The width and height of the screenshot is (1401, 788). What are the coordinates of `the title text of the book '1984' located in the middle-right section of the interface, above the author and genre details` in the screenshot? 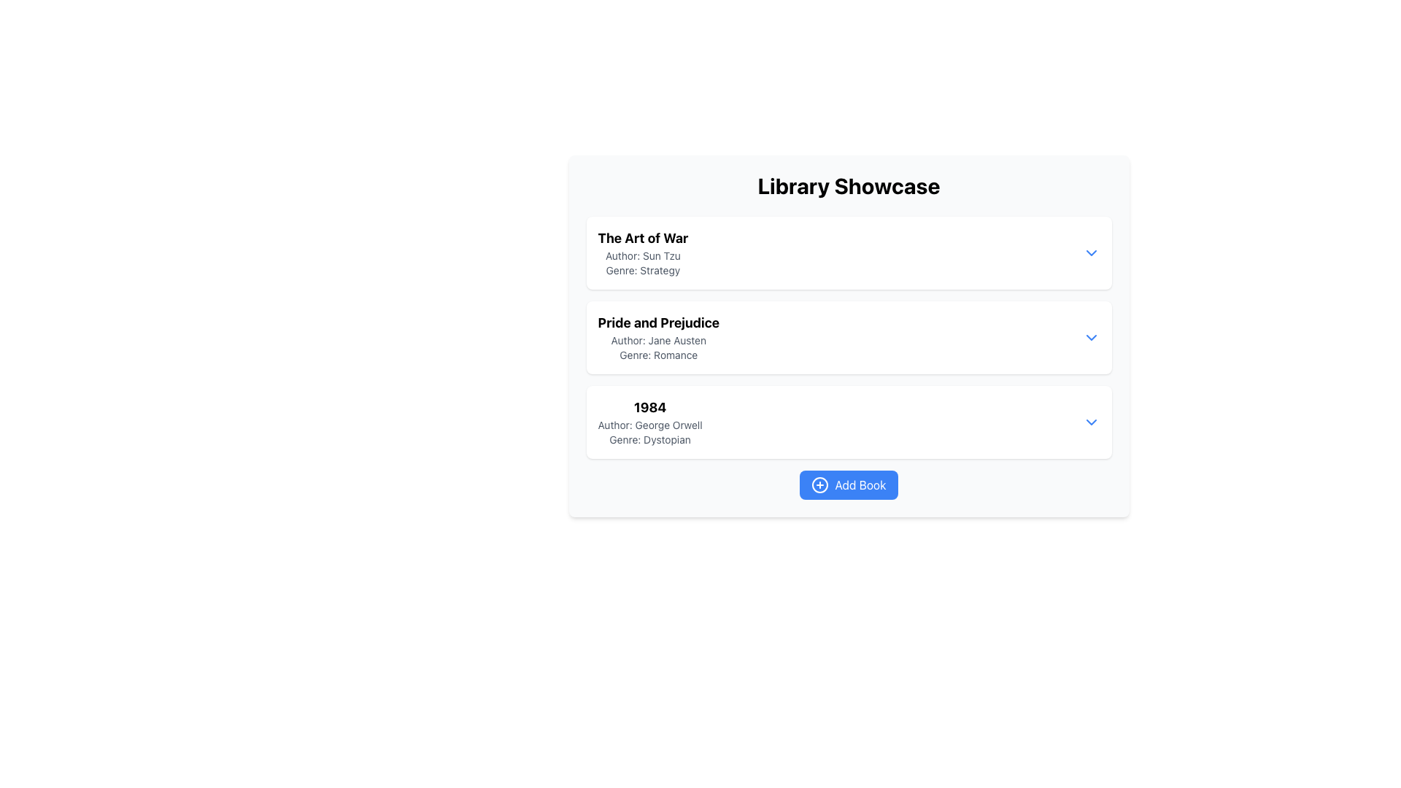 It's located at (649, 408).